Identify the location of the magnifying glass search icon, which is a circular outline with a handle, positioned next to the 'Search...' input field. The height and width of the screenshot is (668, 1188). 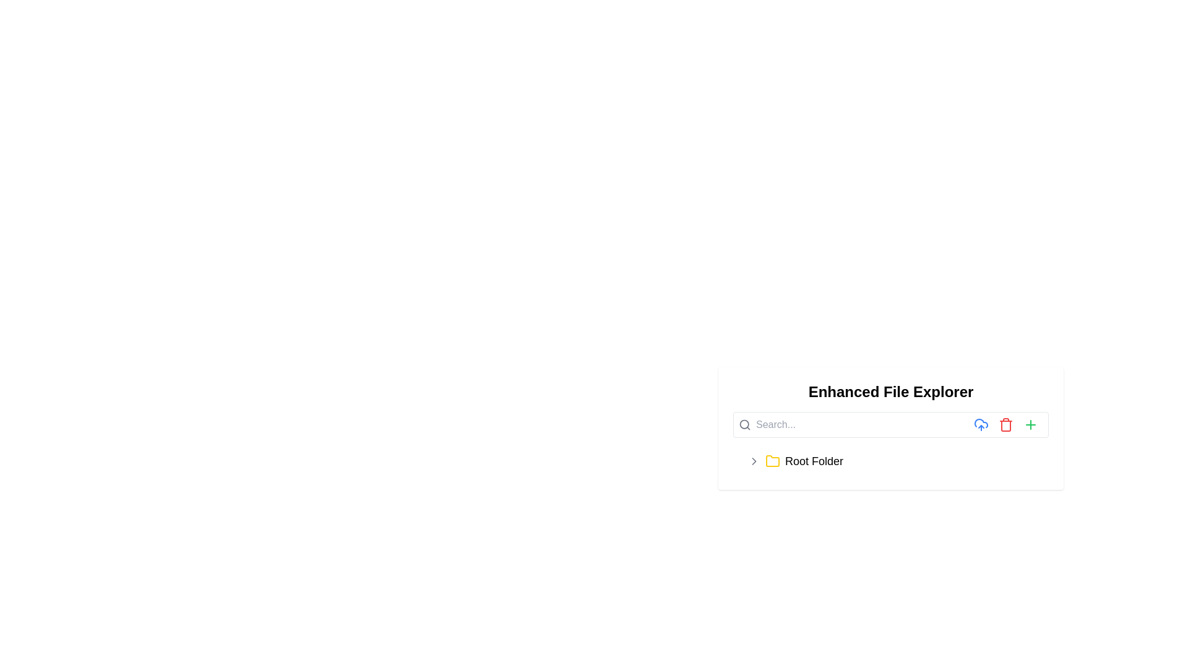
(744, 424).